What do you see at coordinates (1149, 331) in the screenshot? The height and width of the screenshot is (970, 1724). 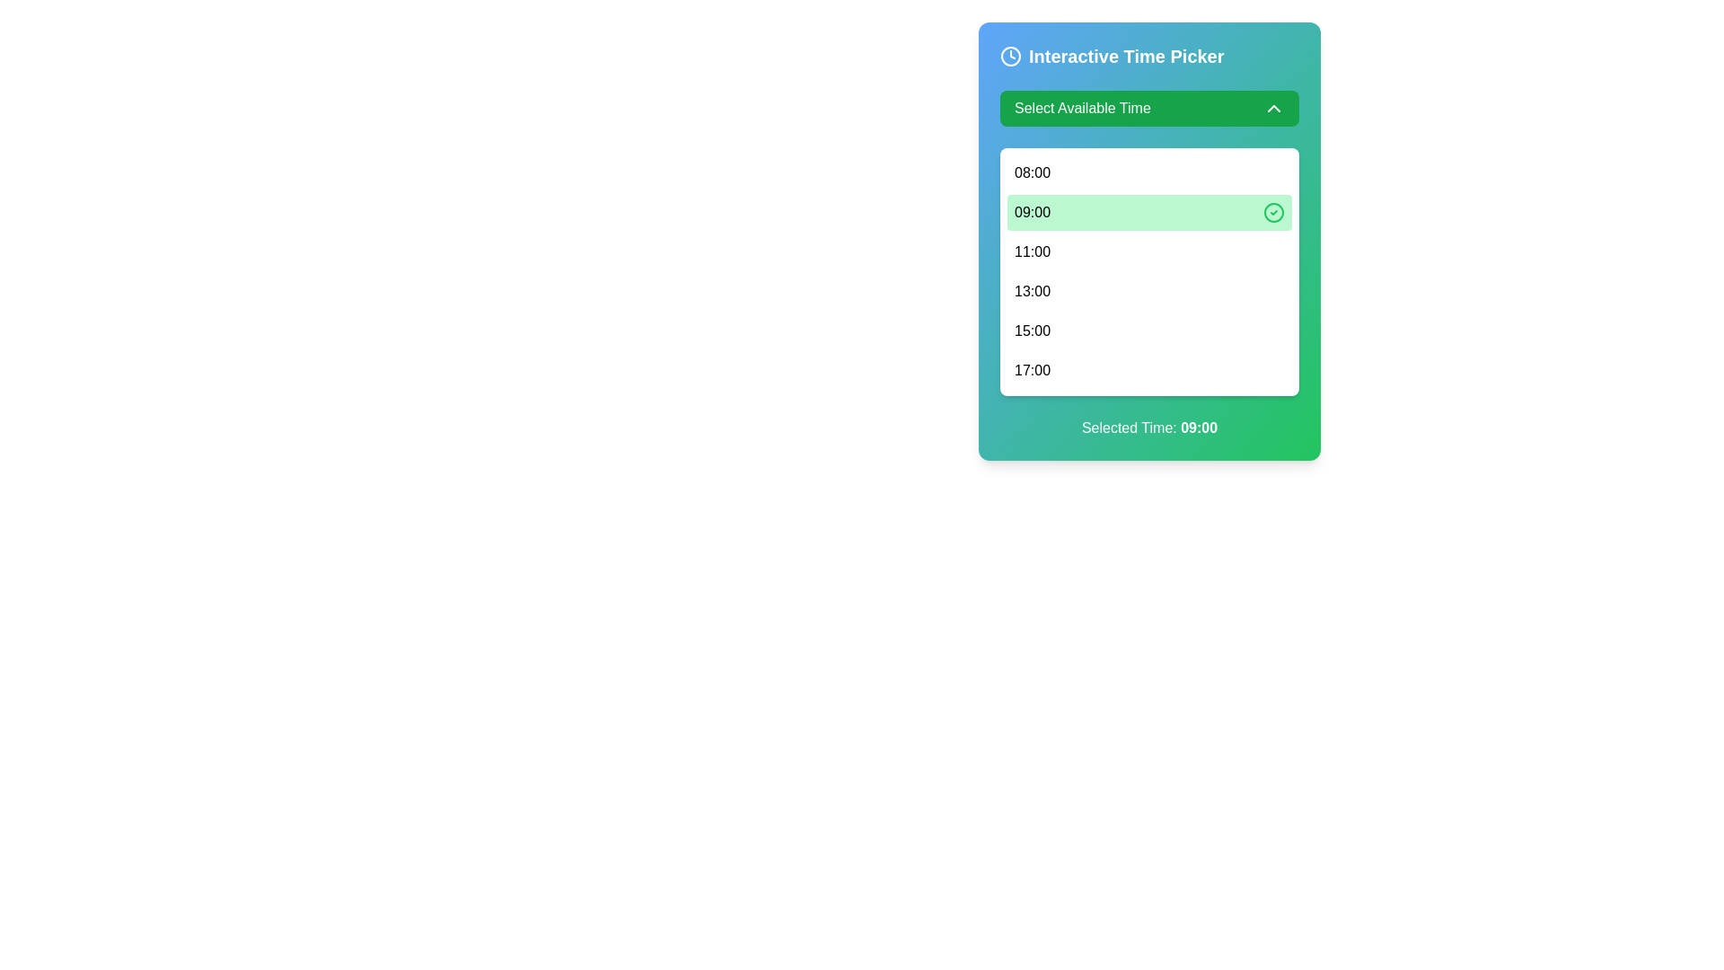 I see `the fifth item in the time selection list, which represents '15:00'` at bounding box center [1149, 331].